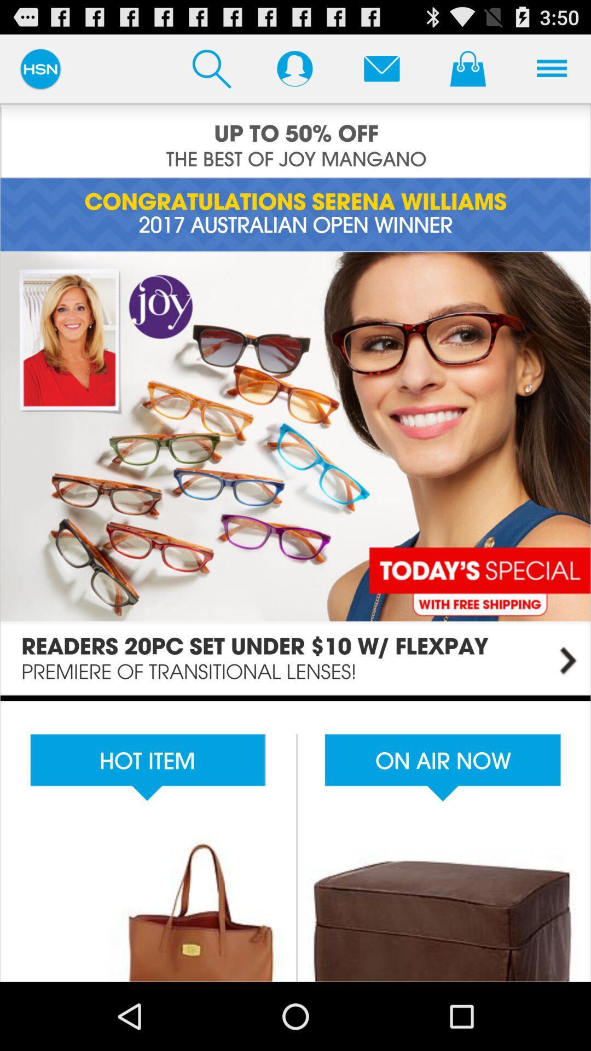 The image size is (591, 1051). Describe the element at coordinates (294, 68) in the screenshot. I see `my account` at that location.